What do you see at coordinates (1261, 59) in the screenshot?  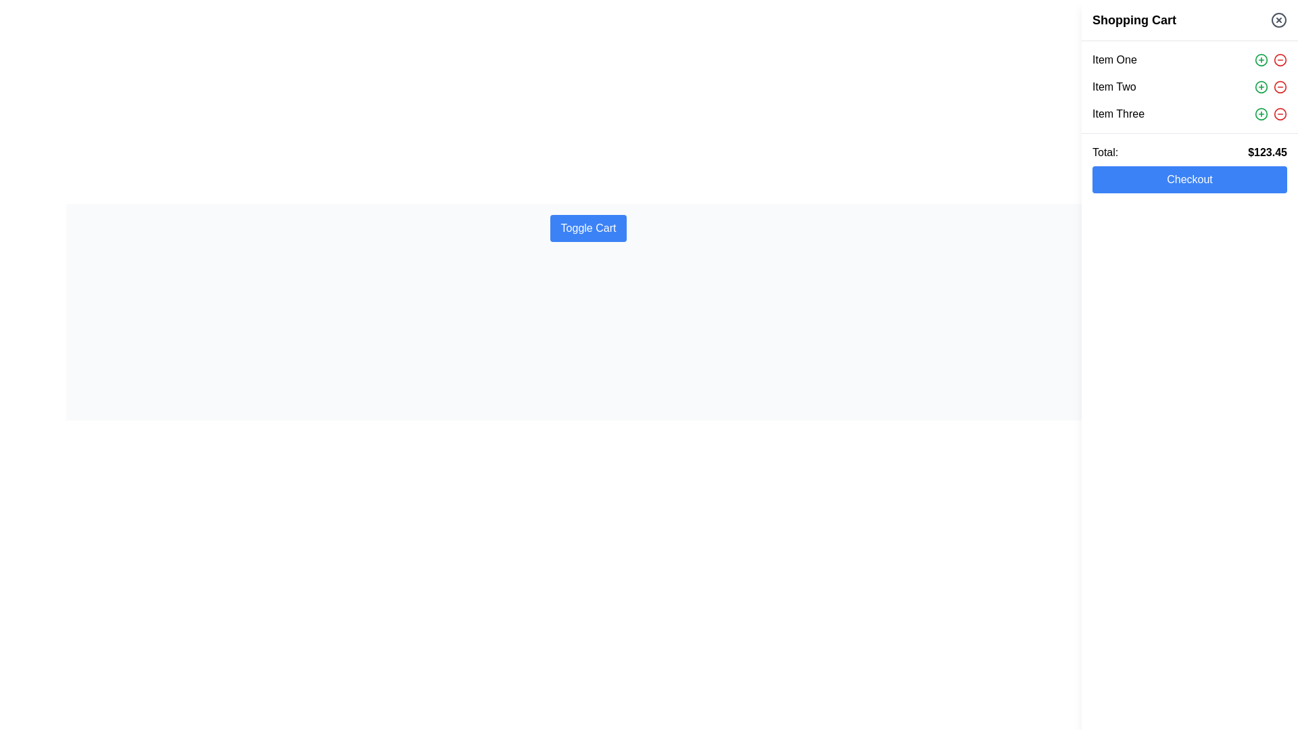 I see `the green circular icon with a plus sign (+) to increase the item quantity in the shopping cart interface` at bounding box center [1261, 59].